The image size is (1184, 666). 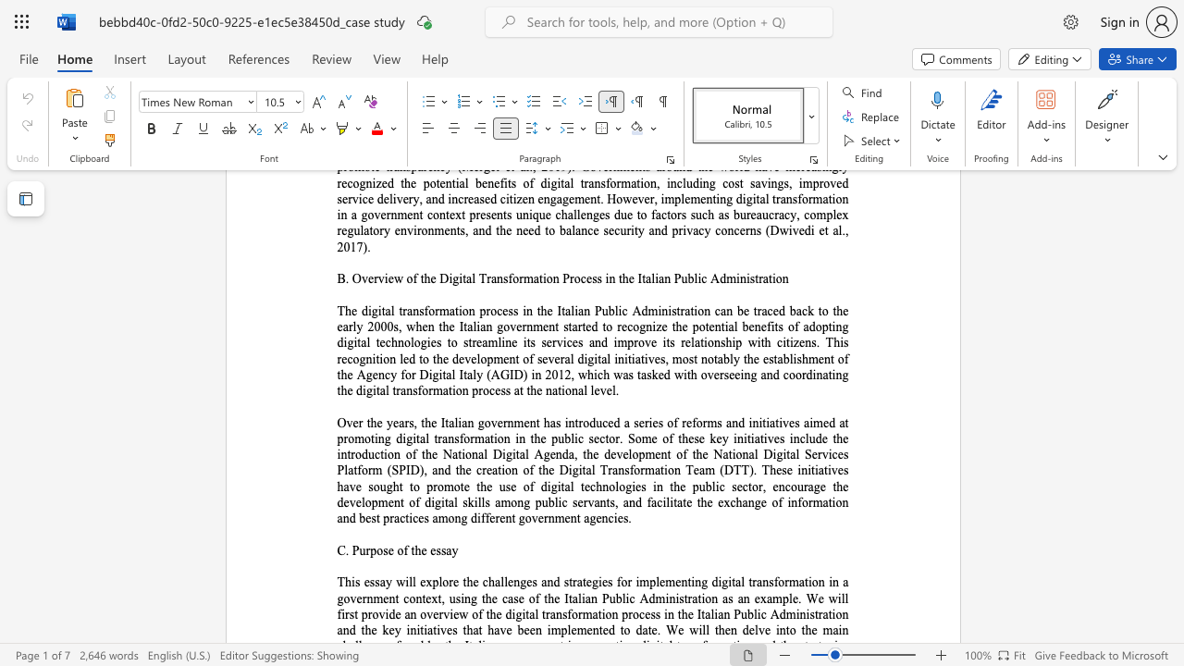 What do you see at coordinates (635, 342) in the screenshot?
I see `the 12th character "r" in the text` at bounding box center [635, 342].